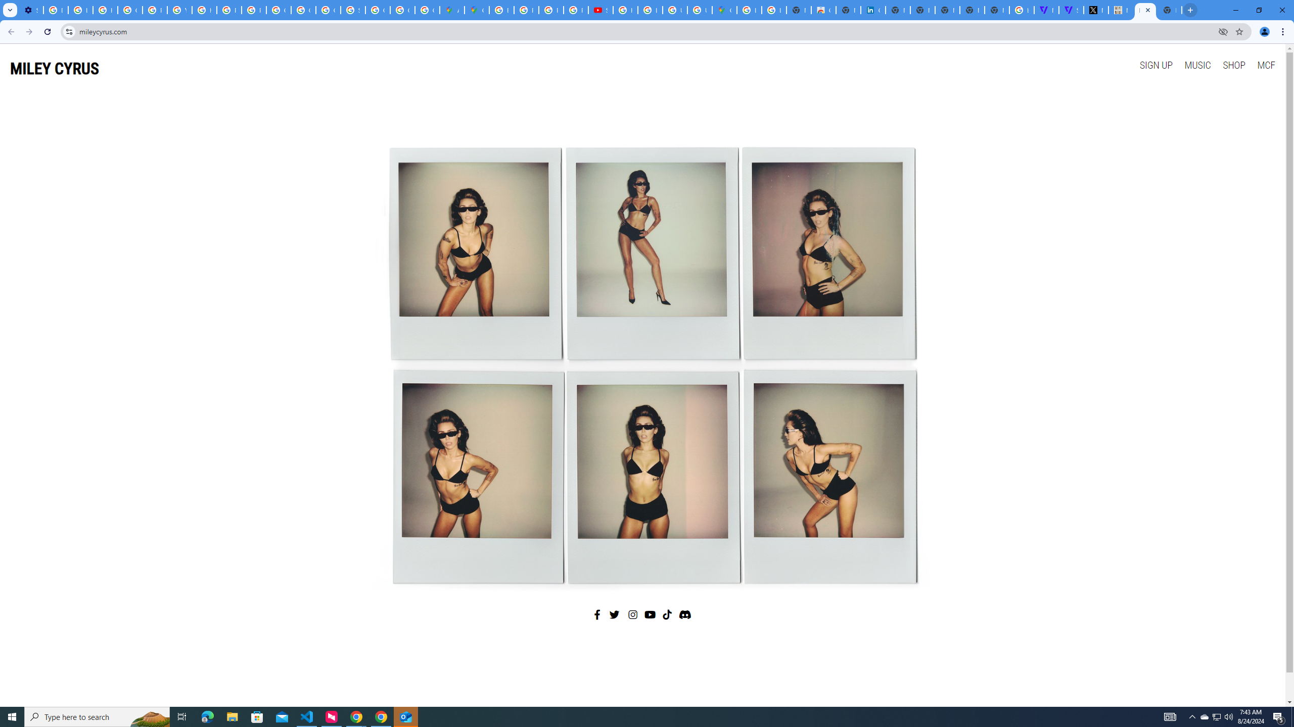 The height and width of the screenshot is (727, 1294). Describe the element at coordinates (597, 614) in the screenshot. I see `'Facebook'` at that location.